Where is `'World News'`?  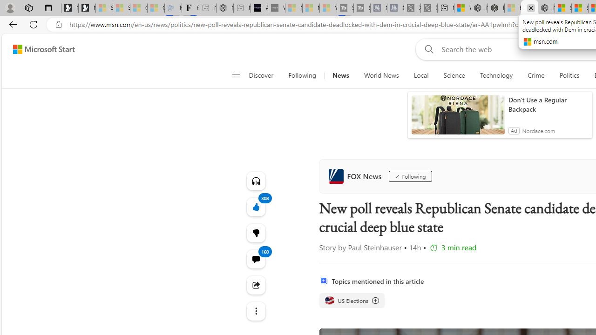 'World News' is located at coordinates (381, 75).